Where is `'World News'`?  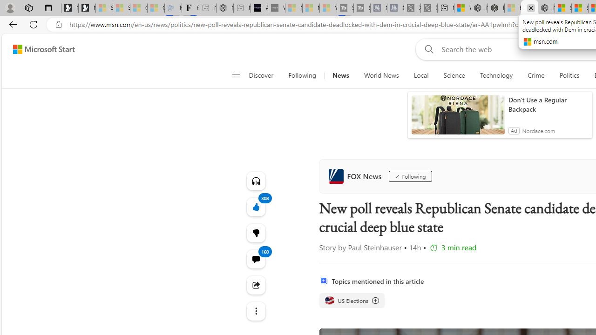 'World News' is located at coordinates (381, 75).